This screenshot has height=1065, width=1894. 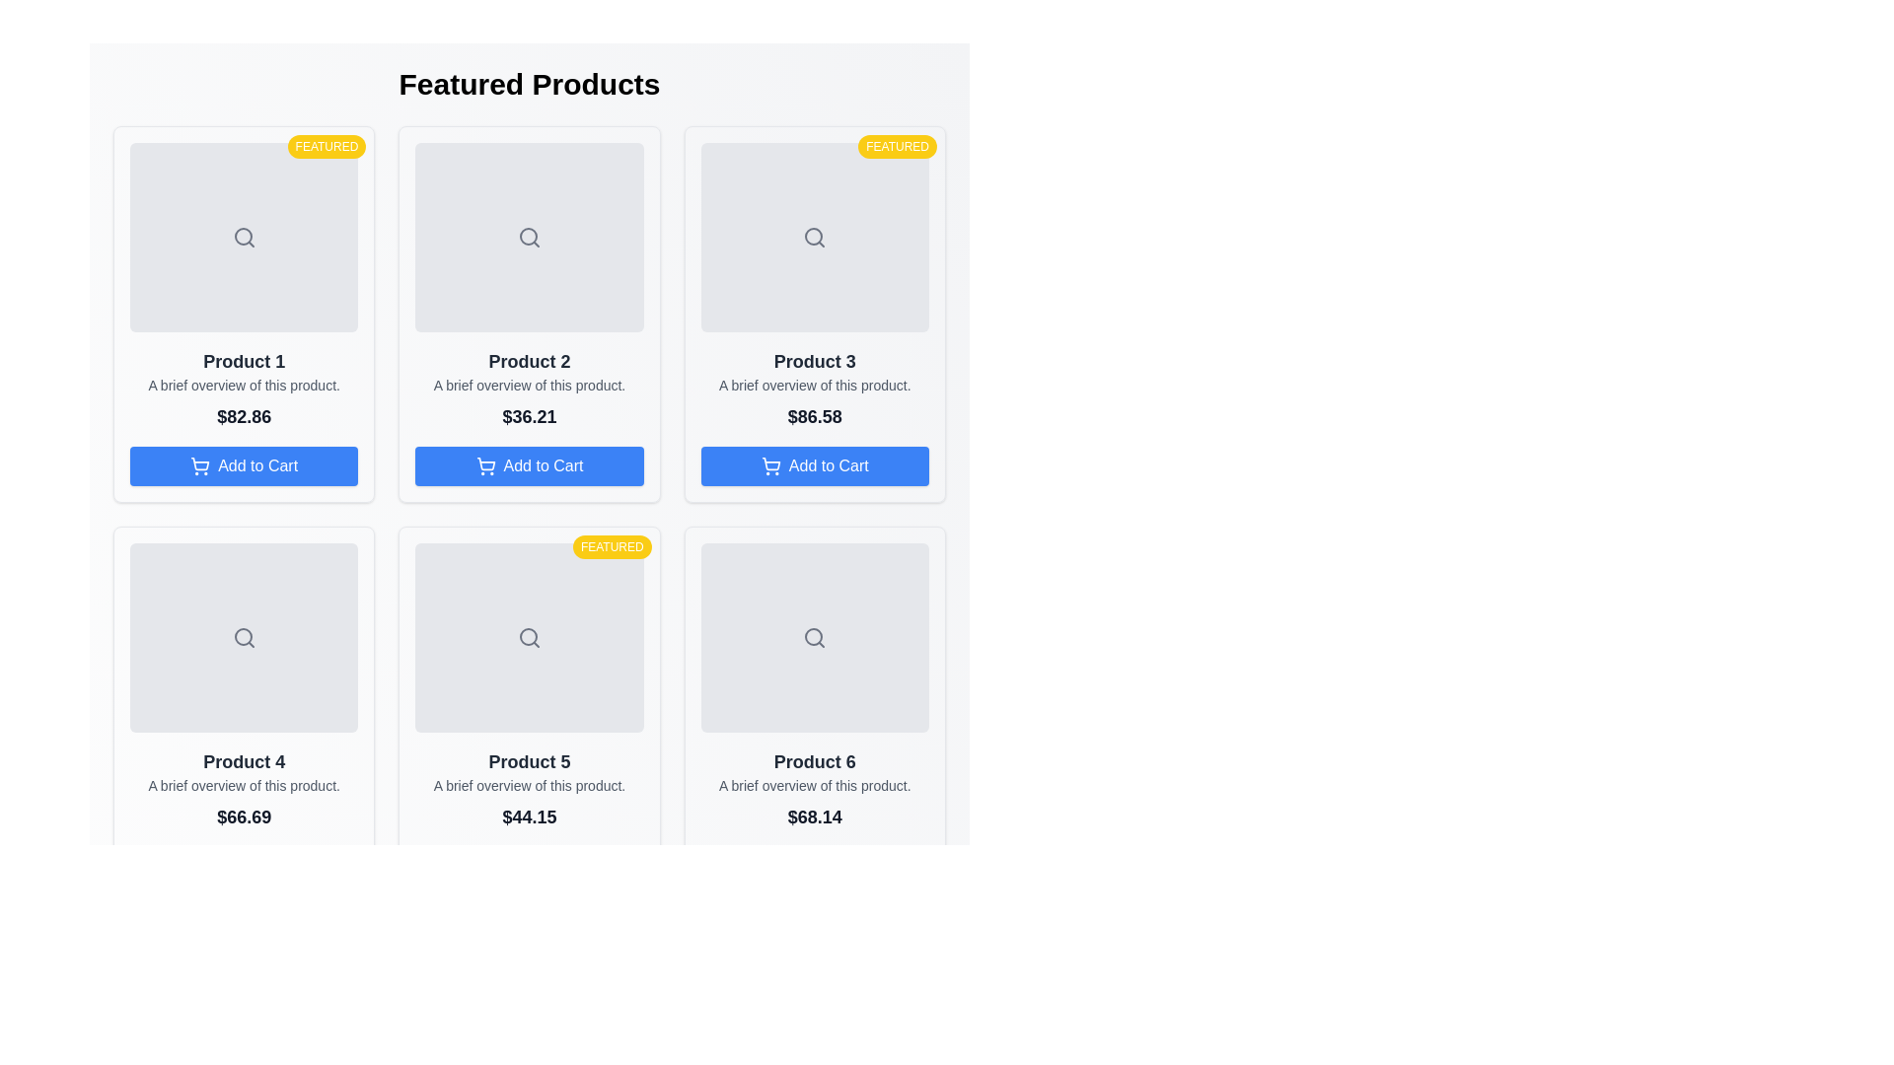 What do you see at coordinates (327, 146) in the screenshot?
I see `the prominent yellow label with rounded edges and white uppercase text reading 'FEATURED', located in the upper-right corner of the 'Product 1' component` at bounding box center [327, 146].